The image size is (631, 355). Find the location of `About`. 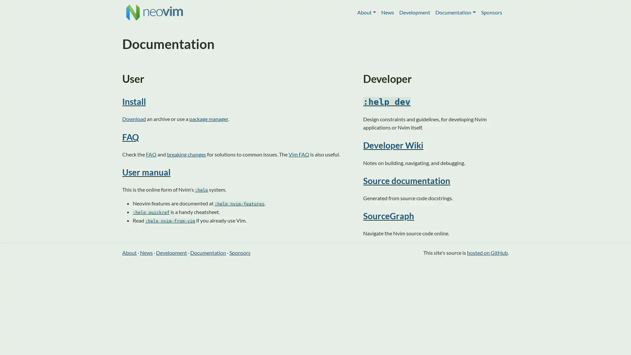

About is located at coordinates (366, 12).